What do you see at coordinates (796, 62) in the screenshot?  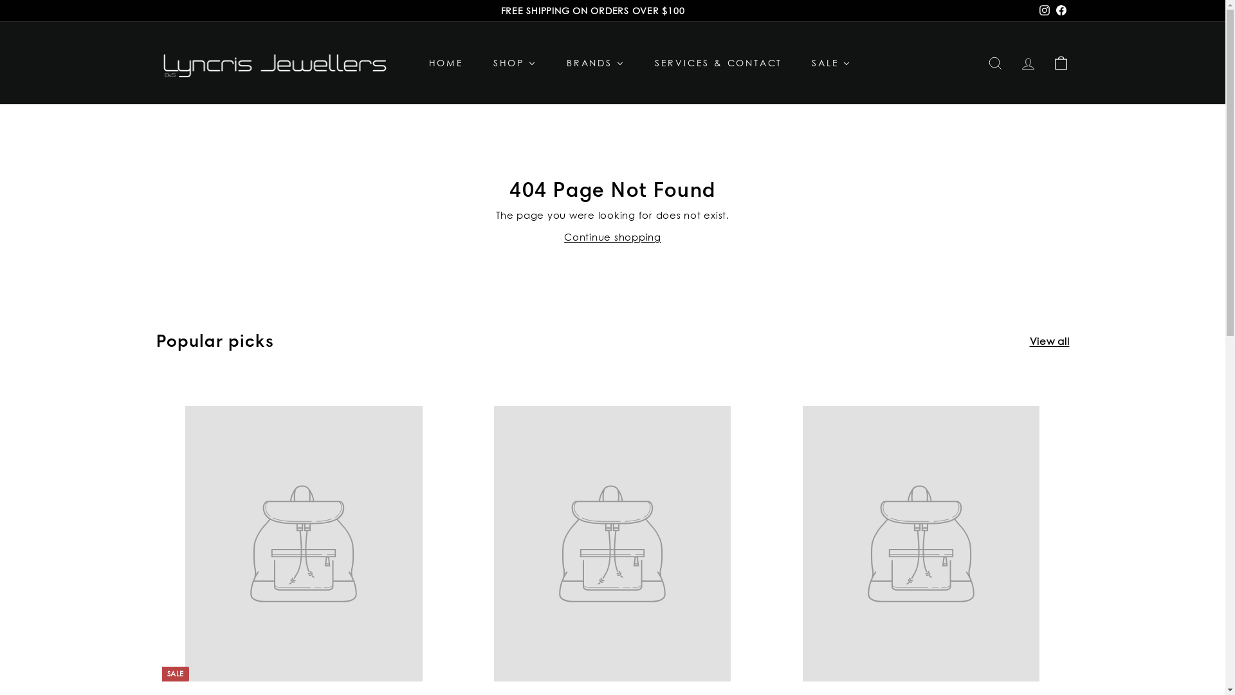 I see `'SALE'` at bounding box center [796, 62].